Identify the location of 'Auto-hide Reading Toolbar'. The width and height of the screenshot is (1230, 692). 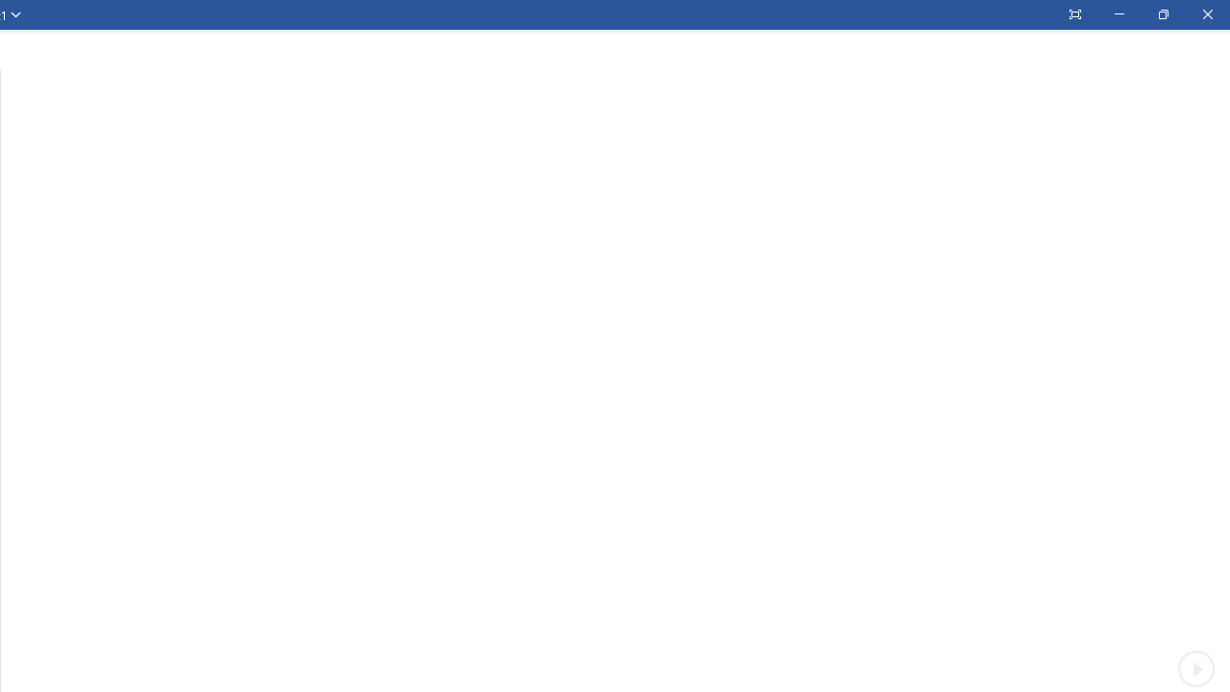
(1073, 14).